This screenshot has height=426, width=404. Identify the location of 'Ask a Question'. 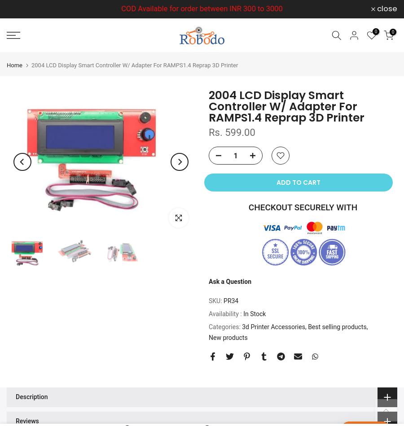
(229, 281).